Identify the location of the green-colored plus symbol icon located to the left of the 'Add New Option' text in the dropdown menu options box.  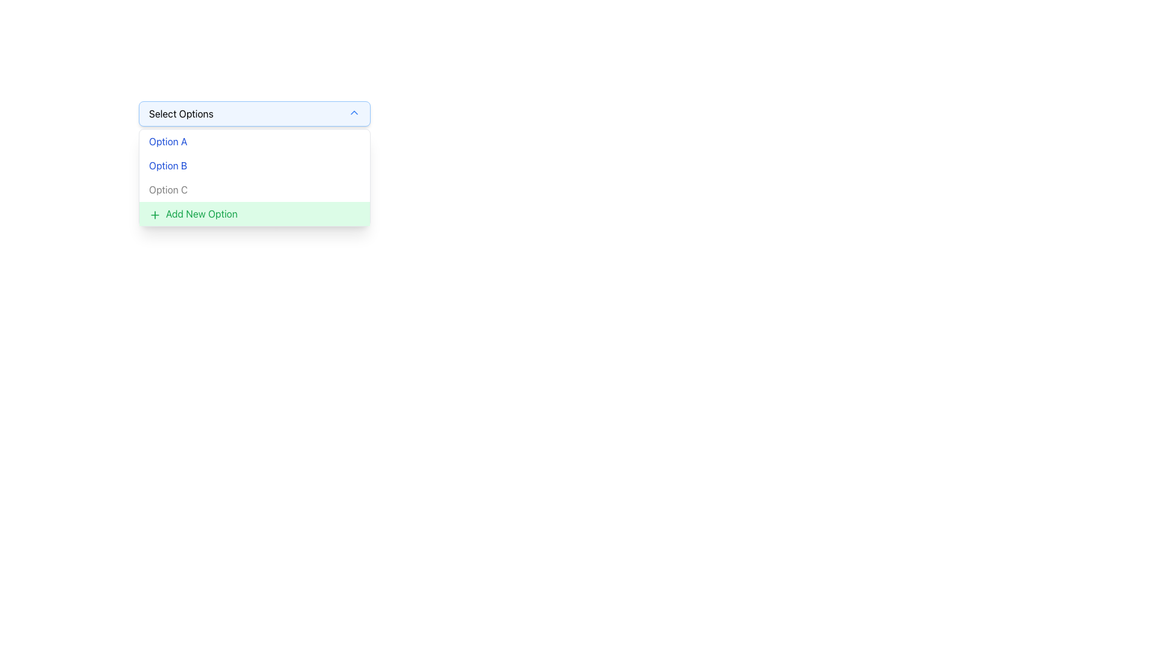
(155, 213).